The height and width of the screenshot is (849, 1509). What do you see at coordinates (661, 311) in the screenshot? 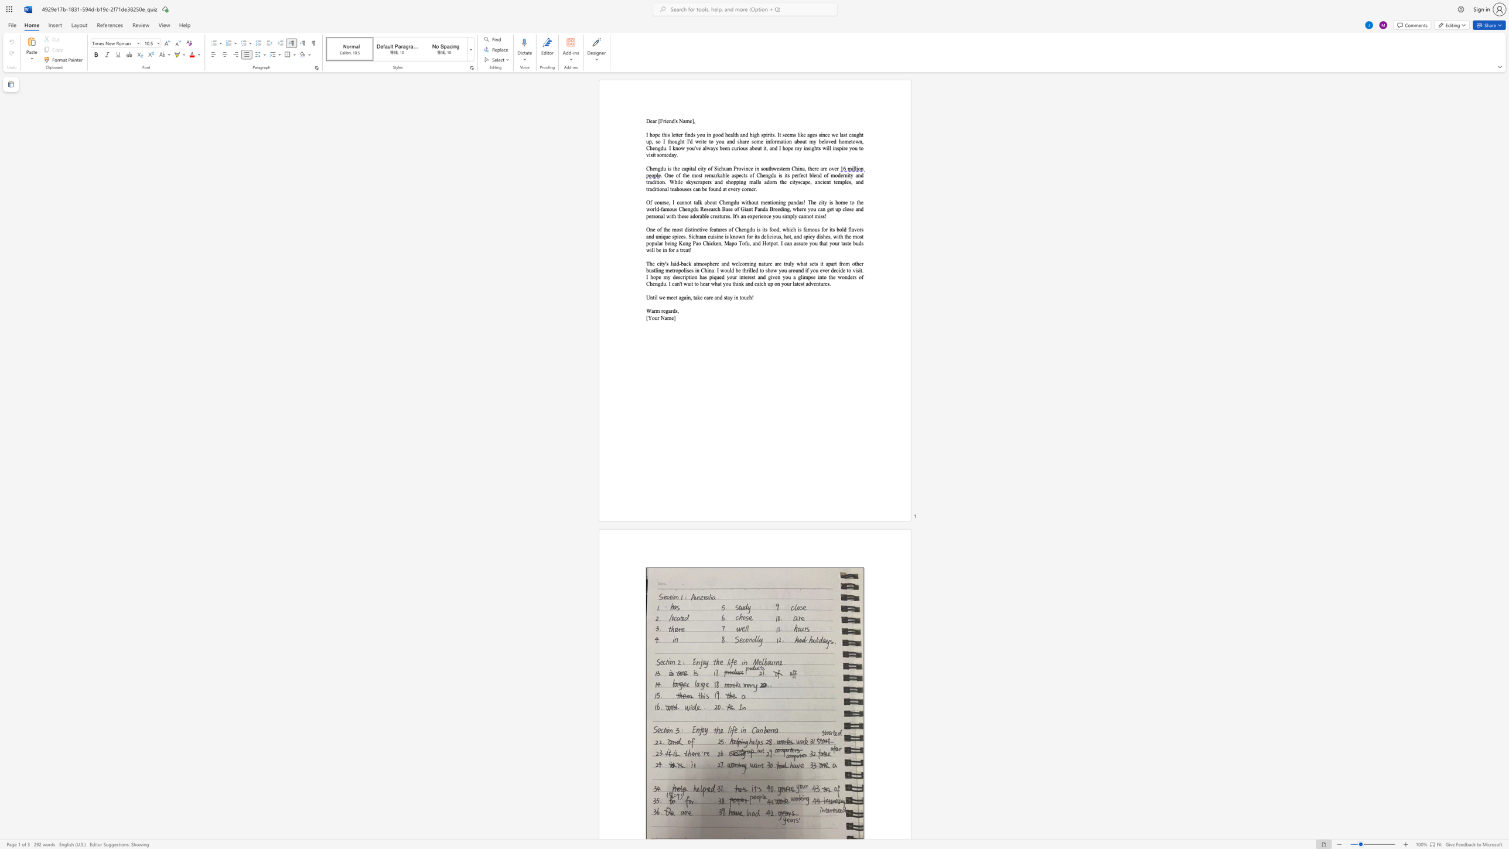
I see `the subset text "reg" within the text "Warm regards,"` at bounding box center [661, 311].